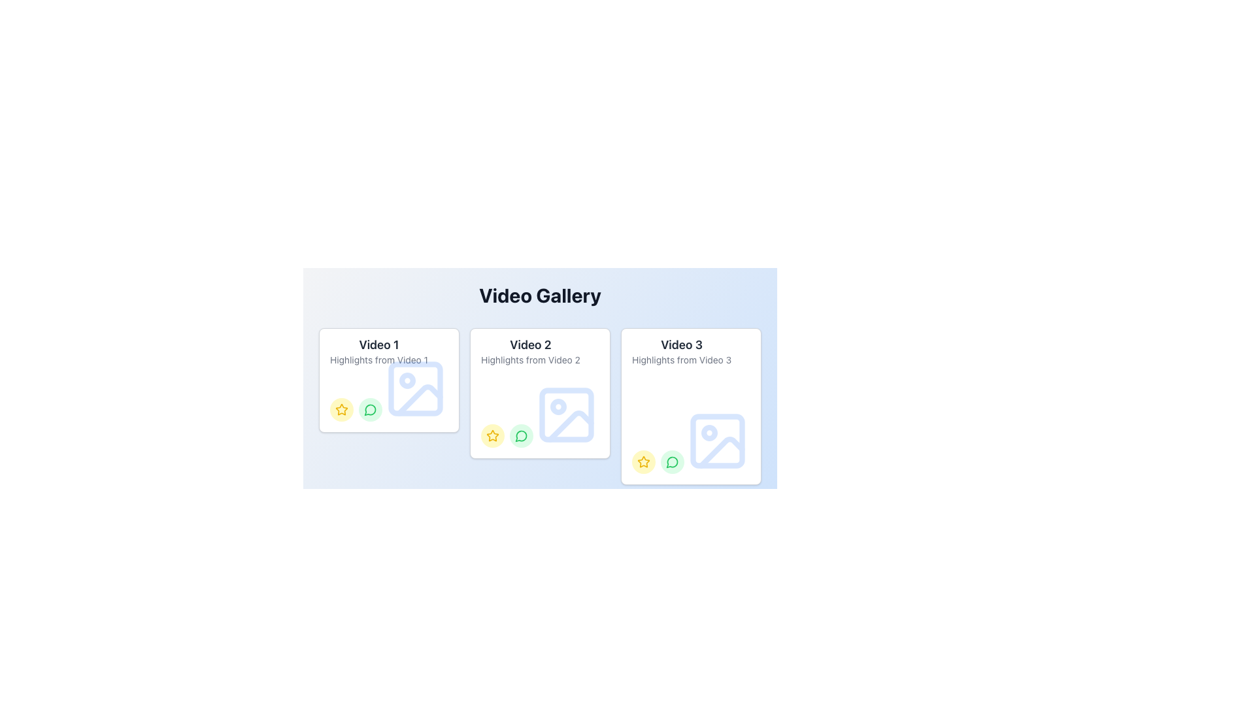 The height and width of the screenshot is (706, 1255). I want to click on the Text Block displaying 'Video 1' and 'Highlights from Video 1', located in the top-left section of the first card in the 'Video Gallery', so click(378, 353).